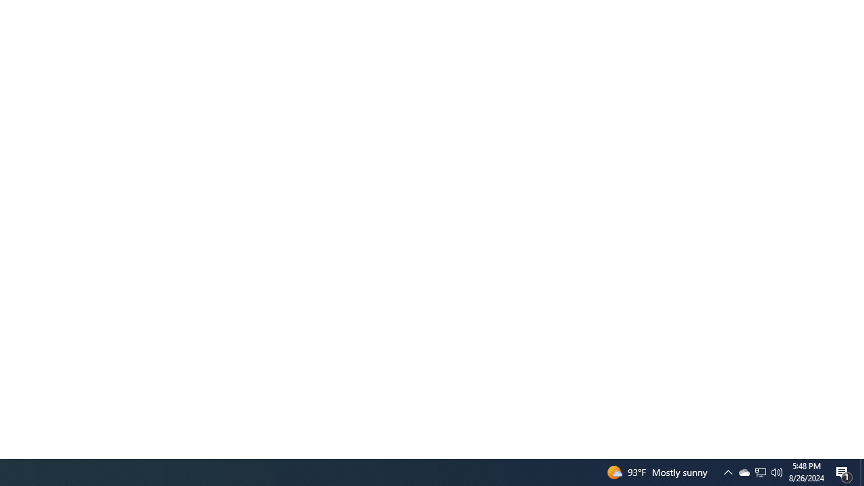  What do you see at coordinates (761, 471) in the screenshot?
I see `'Q2790: 100%'` at bounding box center [761, 471].